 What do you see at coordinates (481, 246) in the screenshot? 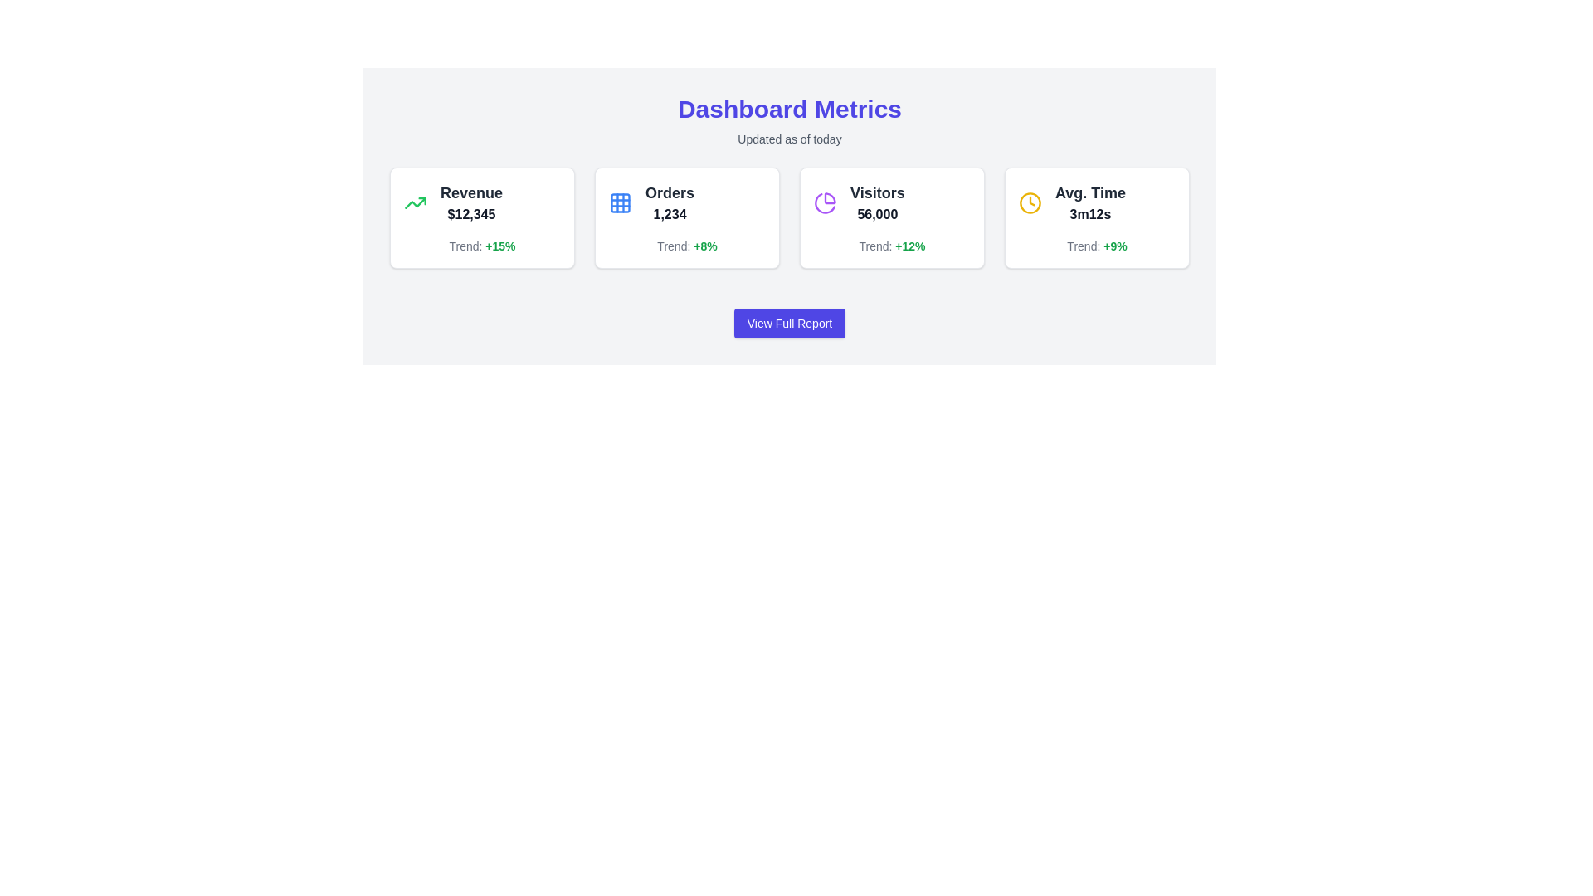
I see `the 'Trend: +15%' text component within the 'Revenue' card that displays revenue metrics, indicating an increase in green color` at bounding box center [481, 246].